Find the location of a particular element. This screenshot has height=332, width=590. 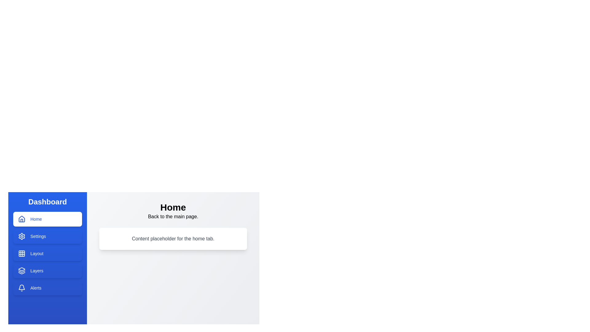

the Settings tab to switch the displayed content is located at coordinates (47, 236).